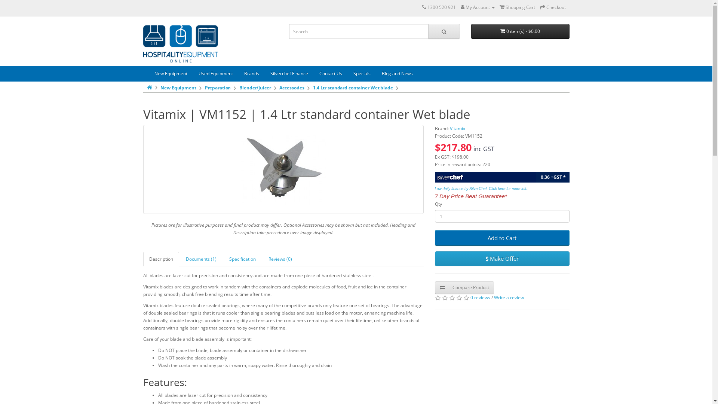  What do you see at coordinates (262, 258) in the screenshot?
I see `'Reviews (0)'` at bounding box center [262, 258].